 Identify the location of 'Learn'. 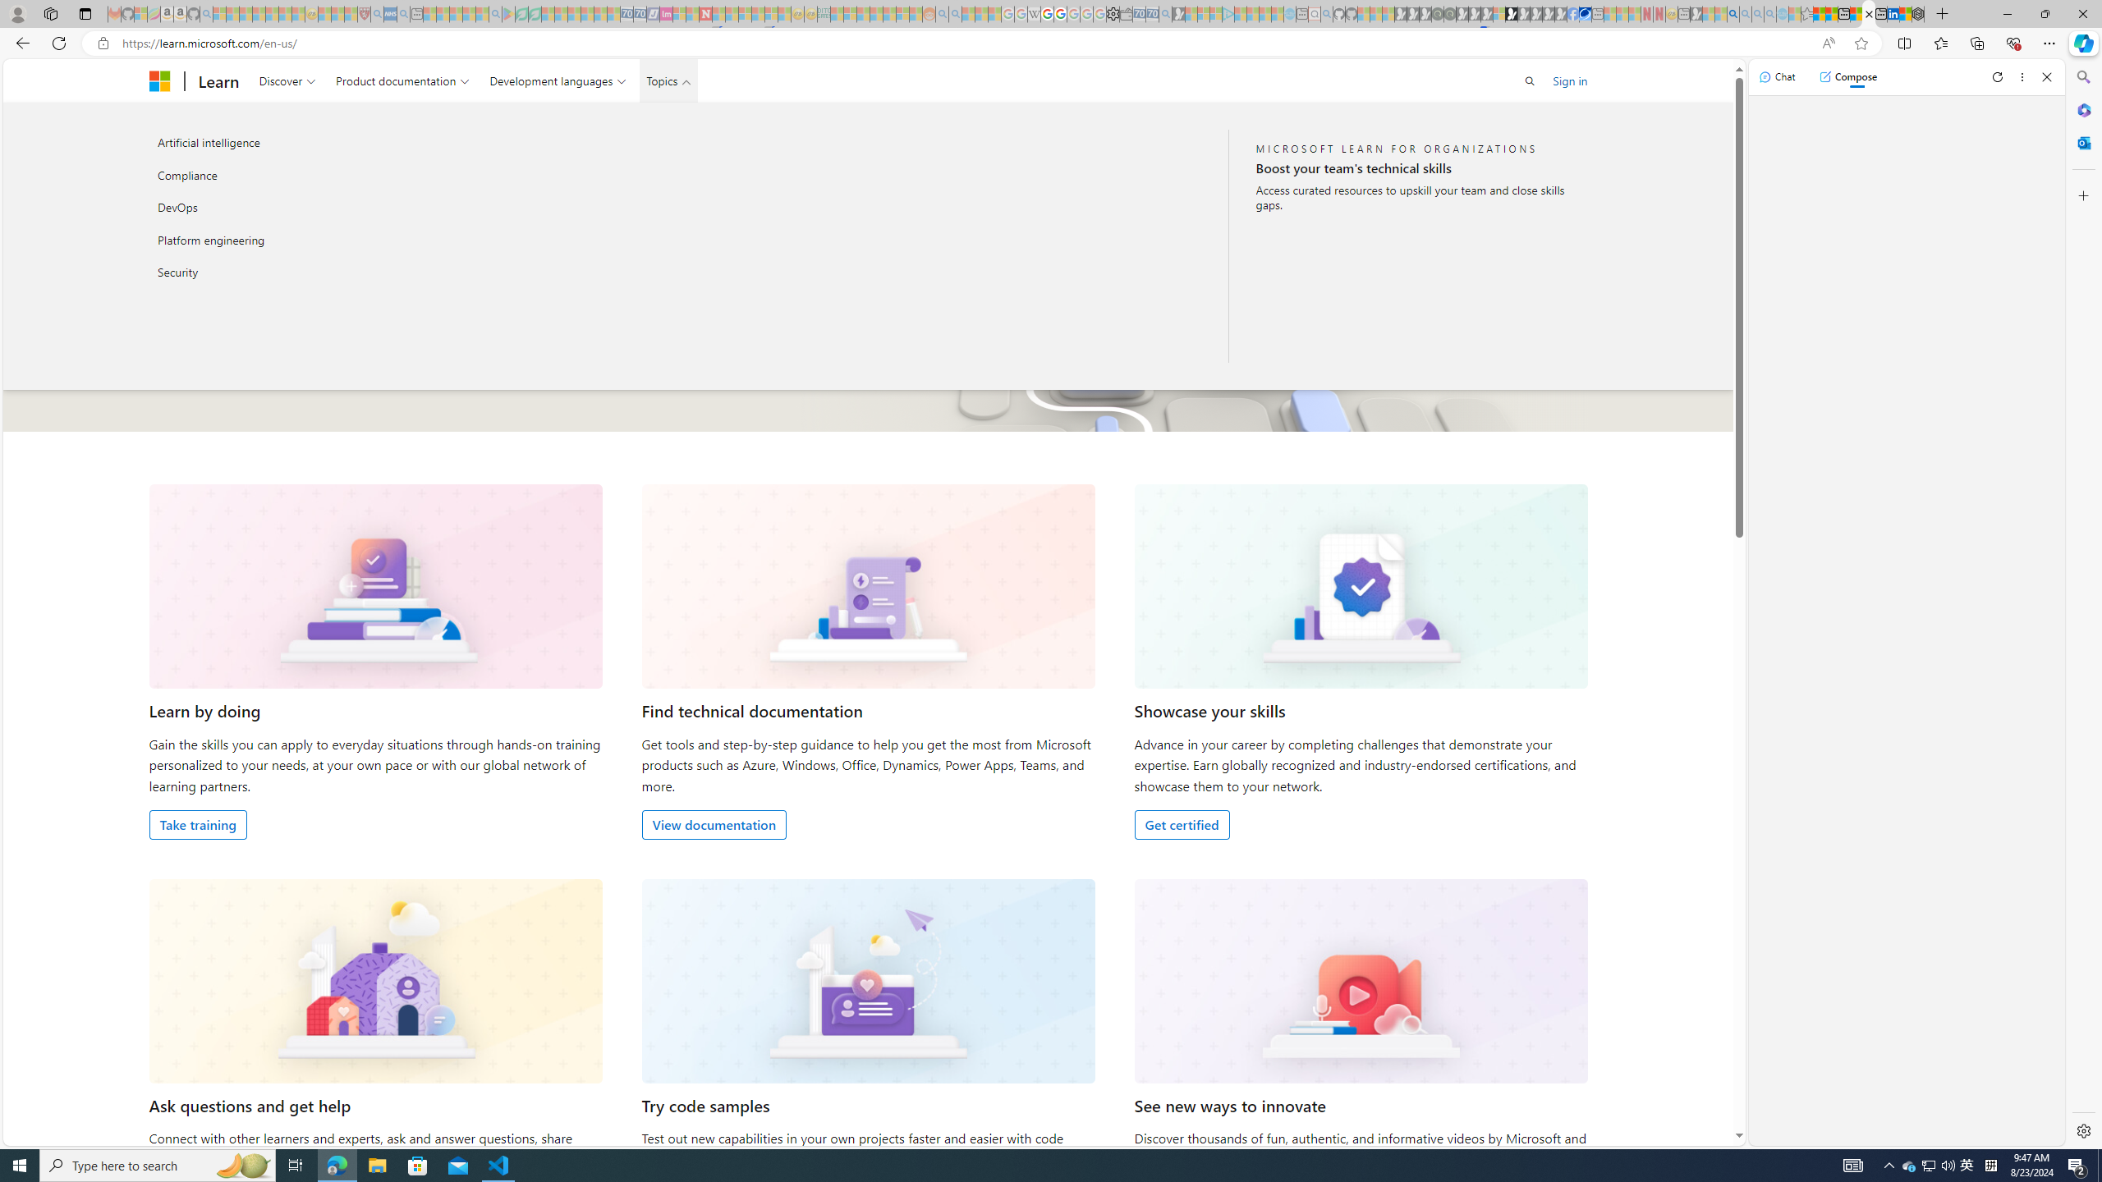
(218, 80).